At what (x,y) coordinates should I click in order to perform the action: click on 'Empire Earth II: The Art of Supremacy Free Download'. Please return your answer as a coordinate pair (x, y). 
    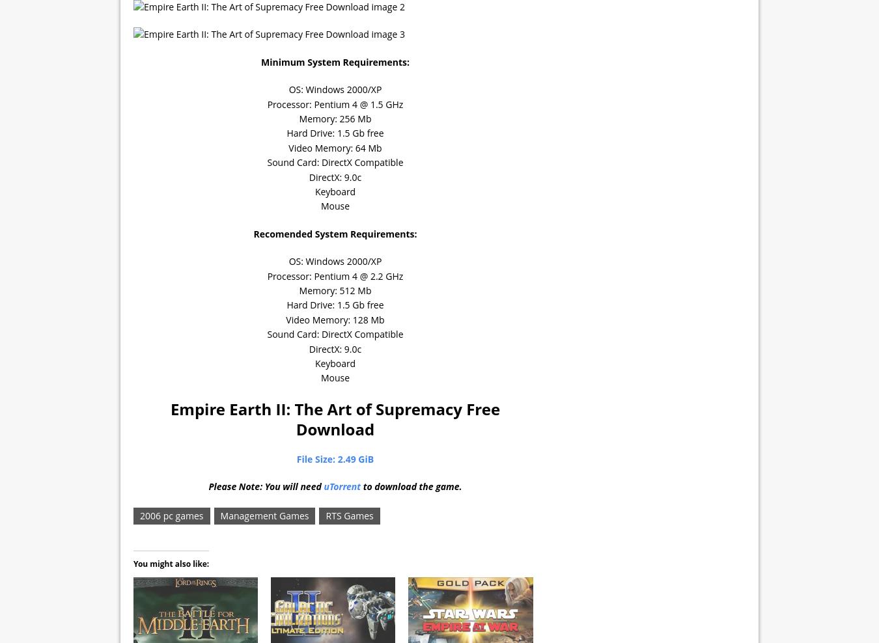
    Looking at the image, I should click on (334, 417).